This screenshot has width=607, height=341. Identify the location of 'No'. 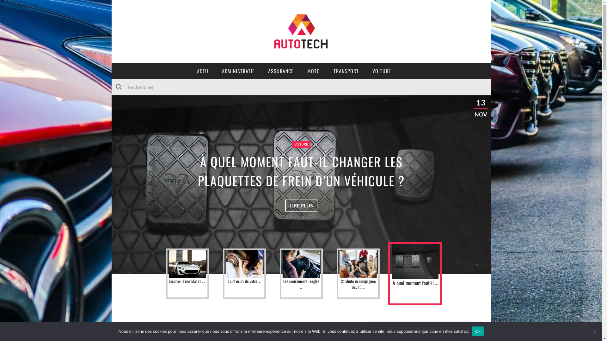
(594, 331).